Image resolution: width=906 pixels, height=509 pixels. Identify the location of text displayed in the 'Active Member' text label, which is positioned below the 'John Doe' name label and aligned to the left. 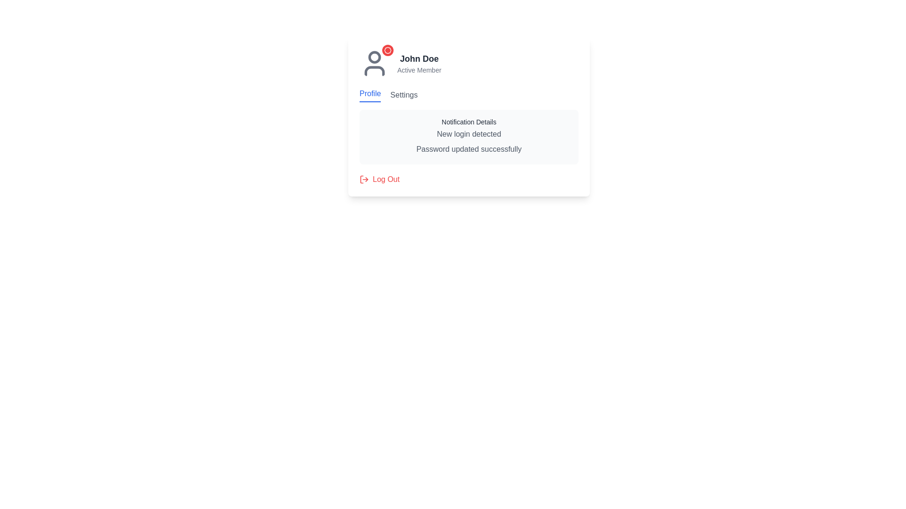
(419, 70).